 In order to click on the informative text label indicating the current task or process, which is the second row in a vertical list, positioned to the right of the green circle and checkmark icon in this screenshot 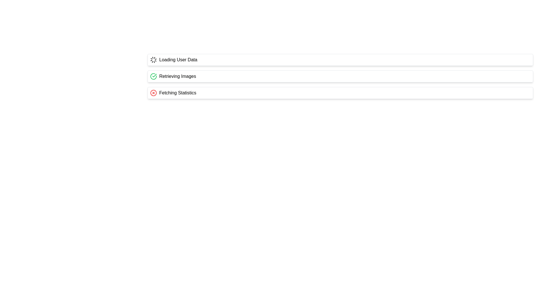, I will do `click(177, 76)`.